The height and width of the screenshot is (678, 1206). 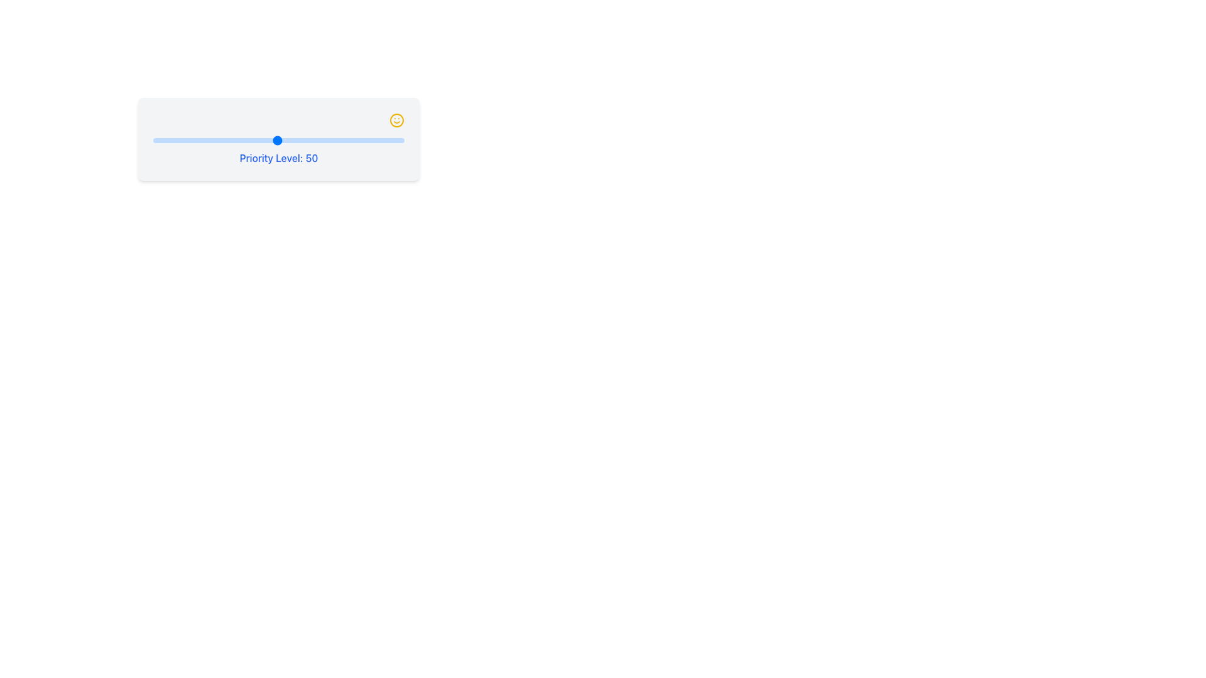 I want to click on priority level, so click(x=373, y=140).